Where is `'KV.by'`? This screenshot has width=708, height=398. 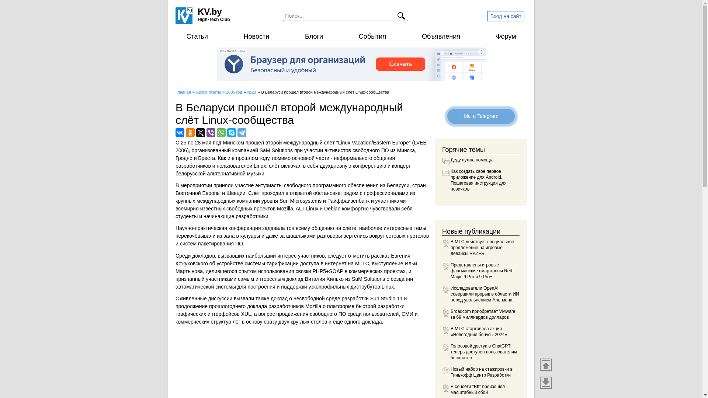
'KV.by' is located at coordinates (209, 11).